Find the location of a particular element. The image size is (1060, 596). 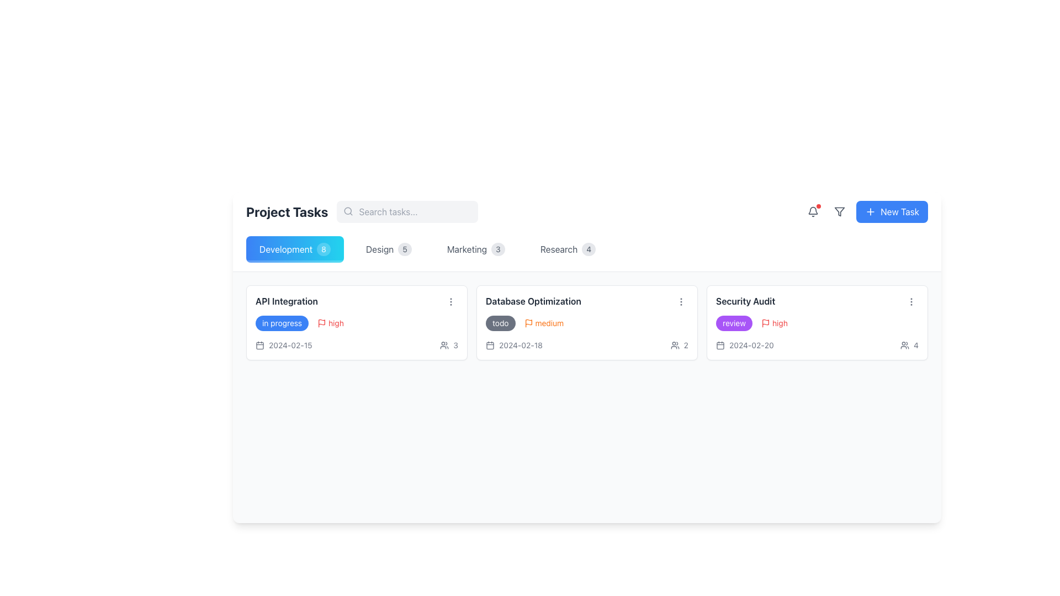

the third navigation menu item labeled 'Marketing' is located at coordinates (476, 249).